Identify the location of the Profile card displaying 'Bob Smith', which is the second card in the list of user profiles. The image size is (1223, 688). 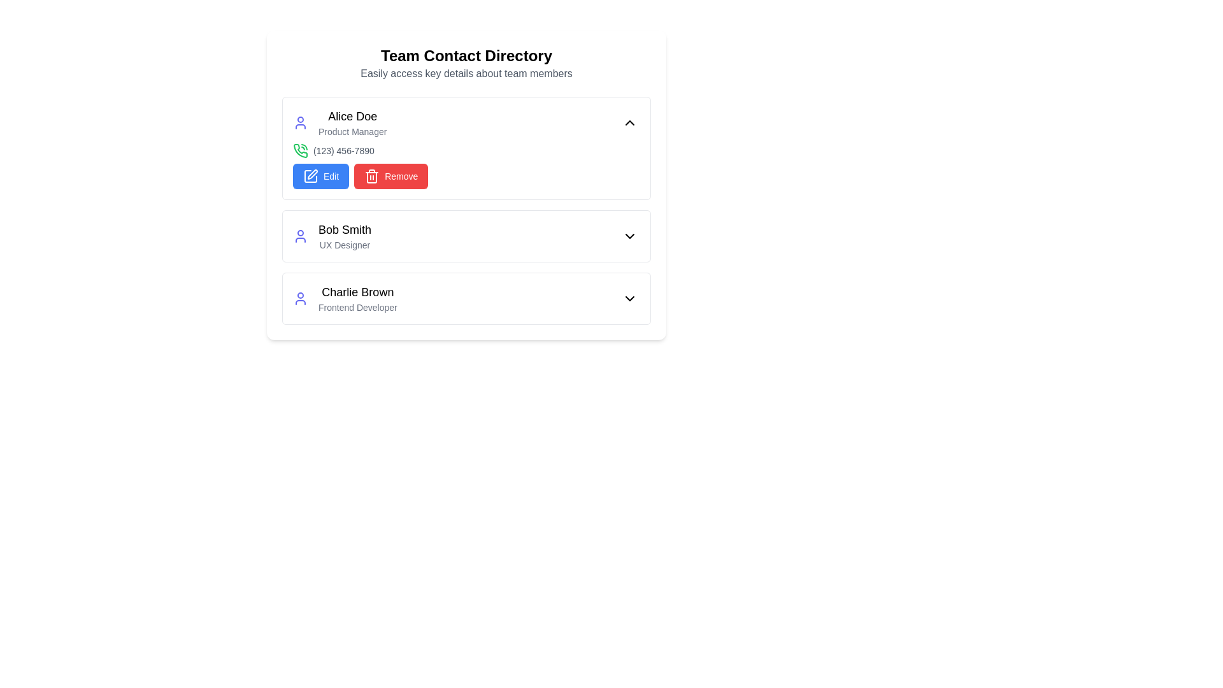
(466, 236).